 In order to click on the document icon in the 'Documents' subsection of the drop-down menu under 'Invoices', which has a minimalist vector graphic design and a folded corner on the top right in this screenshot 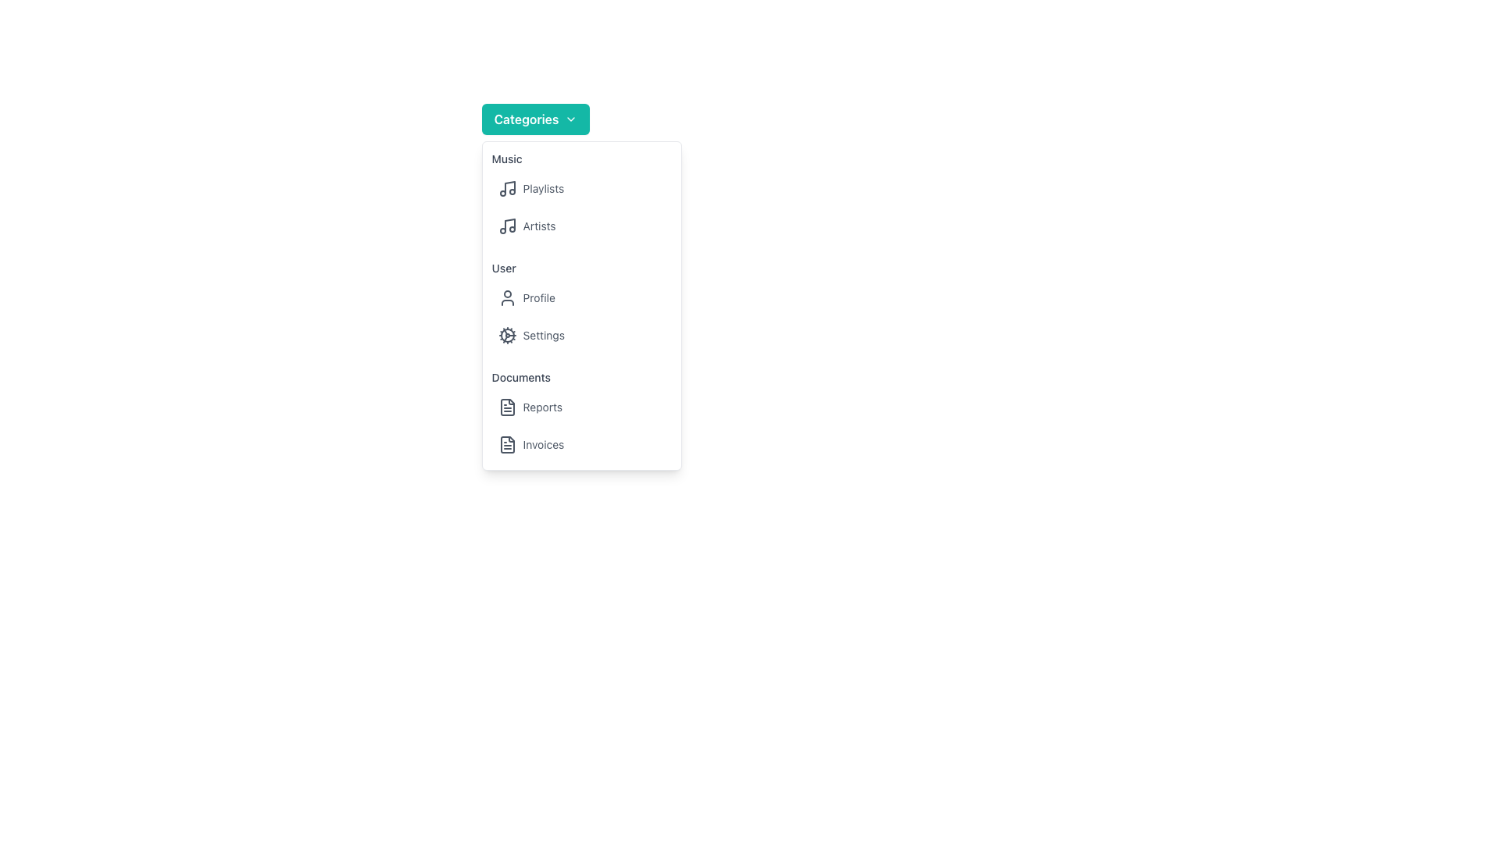, I will do `click(507, 445)`.